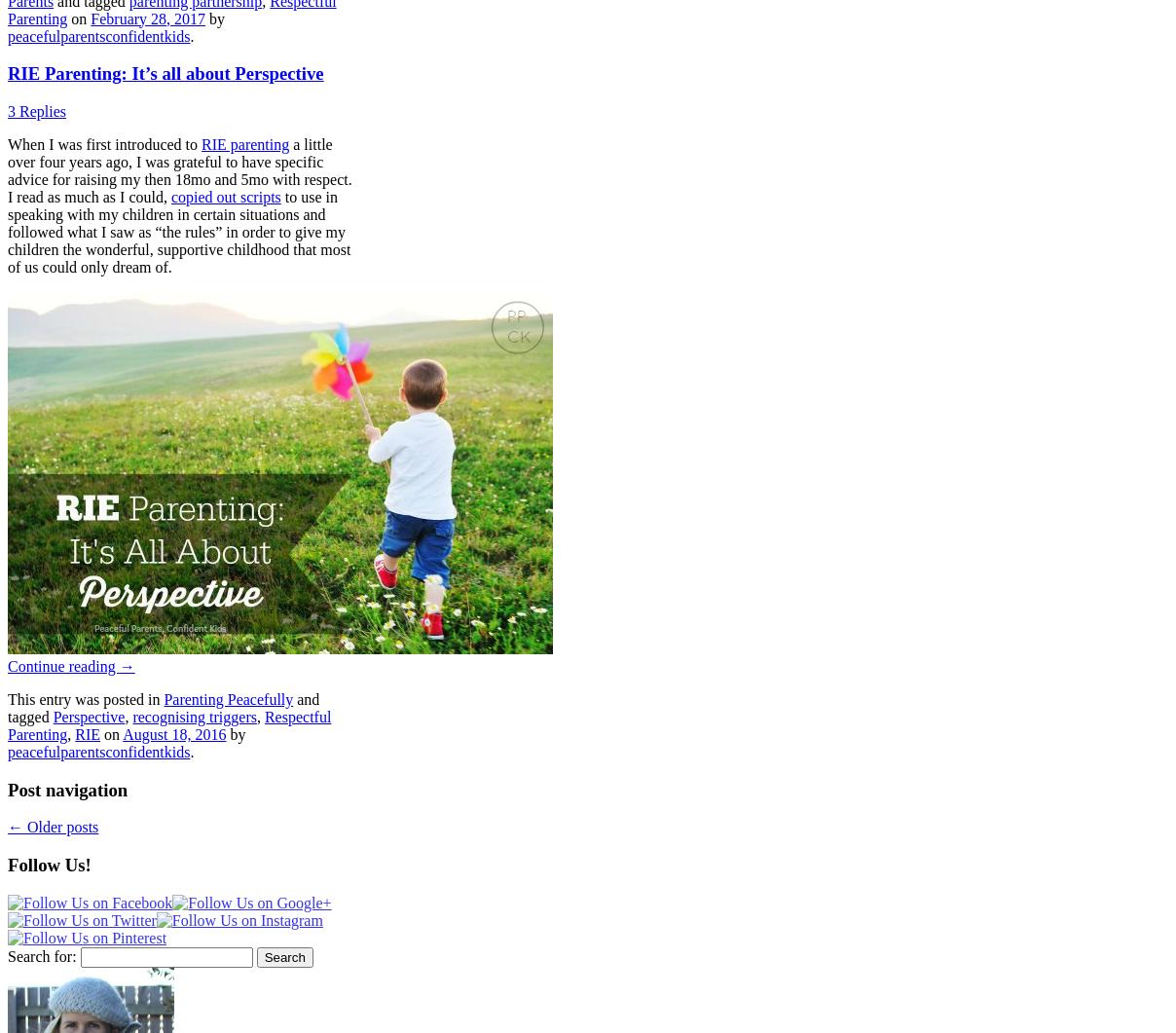 This screenshot has width=1176, height=1033. What do you see at coordinates (6, 864) in the screenshot?
I see `'Follow Us!'` at bounding box center [6, 864].